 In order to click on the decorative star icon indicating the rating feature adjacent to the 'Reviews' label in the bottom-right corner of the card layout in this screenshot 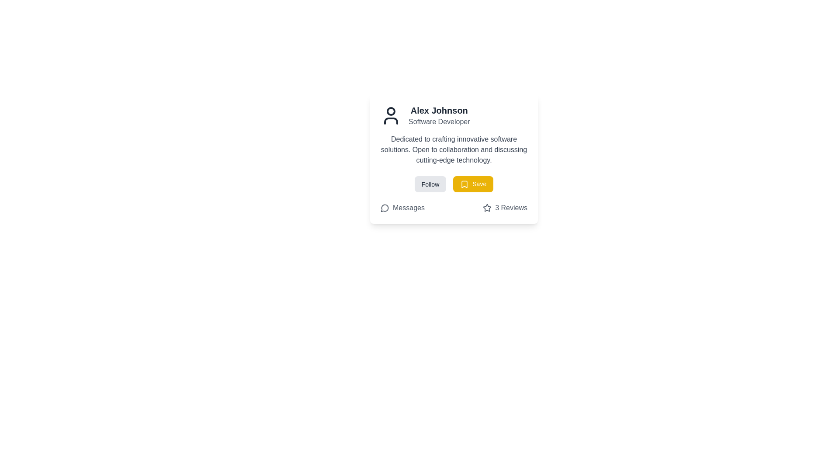, I will do `click(487, 208)`.